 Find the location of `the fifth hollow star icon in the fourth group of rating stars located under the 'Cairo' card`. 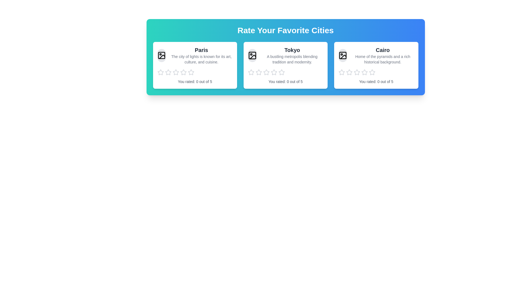

the fifth hollow star icon in the fourth group of rating stars located under the 'Cairo' card is located at coordinates (365, 72).